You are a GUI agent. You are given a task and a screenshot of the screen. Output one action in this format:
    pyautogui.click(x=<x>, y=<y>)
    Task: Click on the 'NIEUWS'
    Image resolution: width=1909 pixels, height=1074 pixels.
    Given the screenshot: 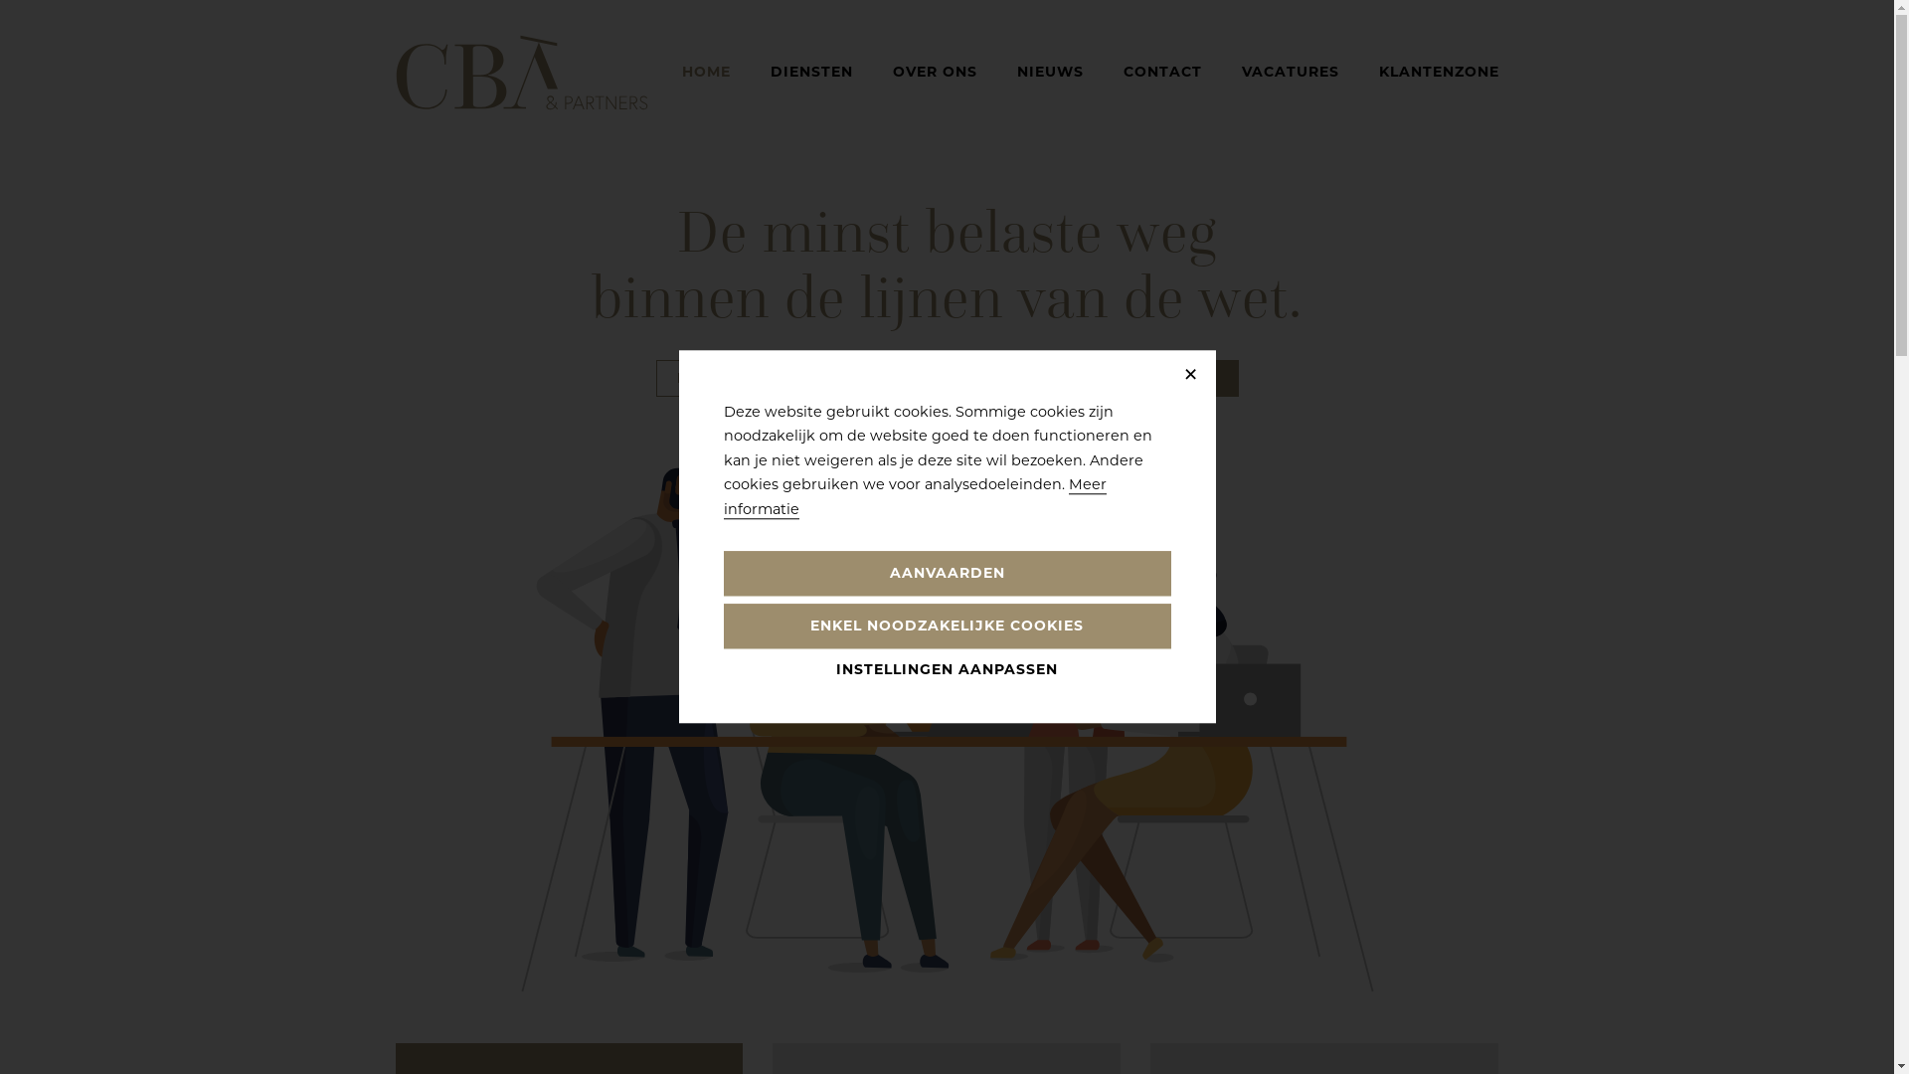 What is the action you would take?
    pyautogui.click(x=1048, y=71)
    